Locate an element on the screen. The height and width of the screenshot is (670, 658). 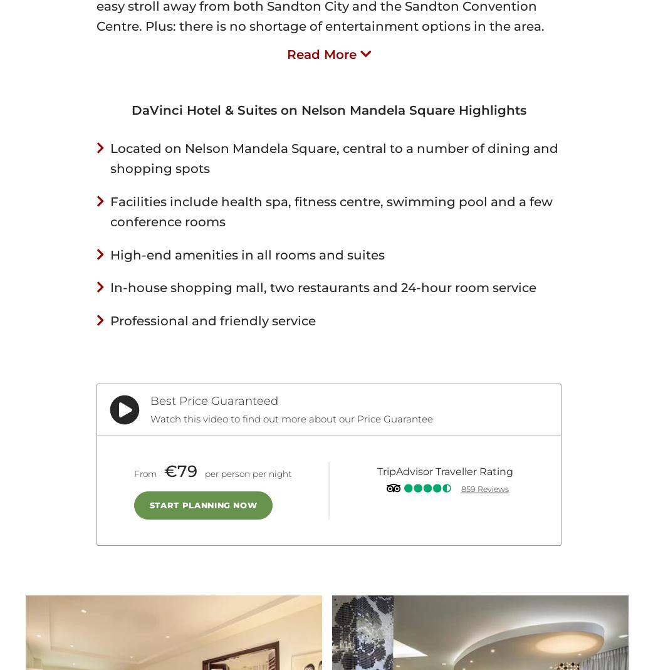
'DaVinci Hotel & Suites on Nelson Mandela Square Highlights' is located at coordinates (327, 109).